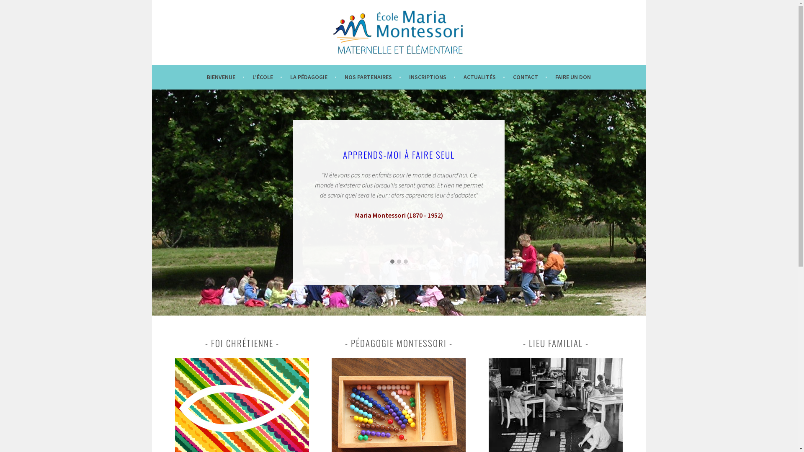 This screenshot has height=452, width=804. I want to click on 'INSCRIPTIONS', so click(432, 77).